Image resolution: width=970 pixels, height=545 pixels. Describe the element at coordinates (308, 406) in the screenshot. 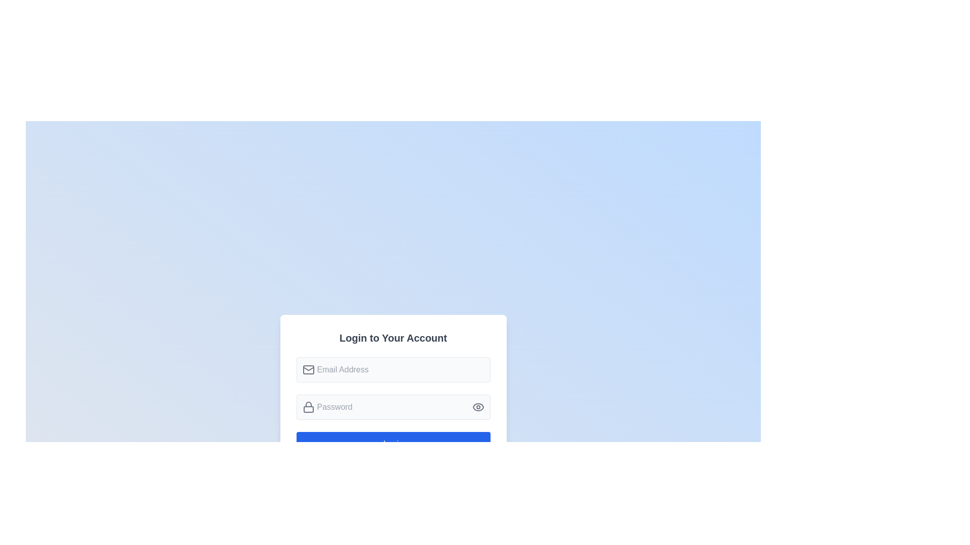

I see `the decorative lock icon located at the left edge of the password input field to visually indicate its security functionality` at that location.